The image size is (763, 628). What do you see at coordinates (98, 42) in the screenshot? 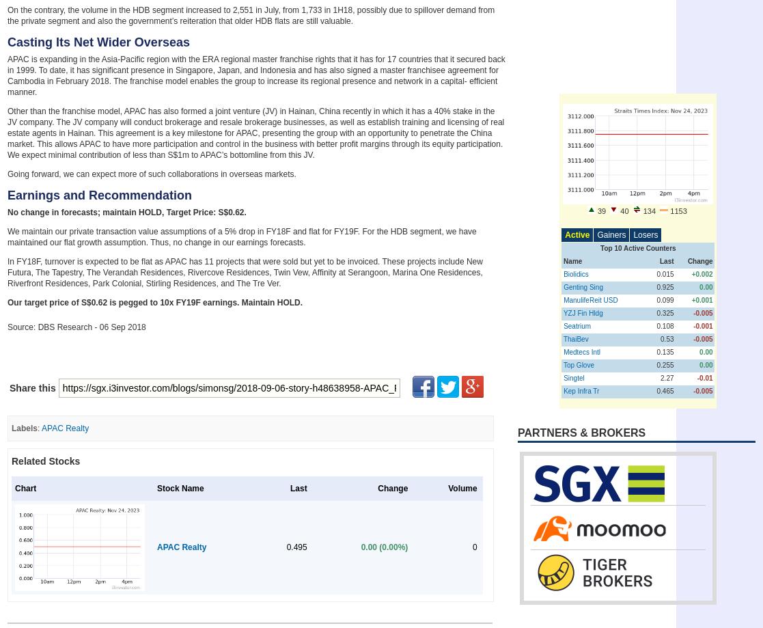
I see `'Casting Its Net Wider Overseas'` at bounding box center [98, 42].